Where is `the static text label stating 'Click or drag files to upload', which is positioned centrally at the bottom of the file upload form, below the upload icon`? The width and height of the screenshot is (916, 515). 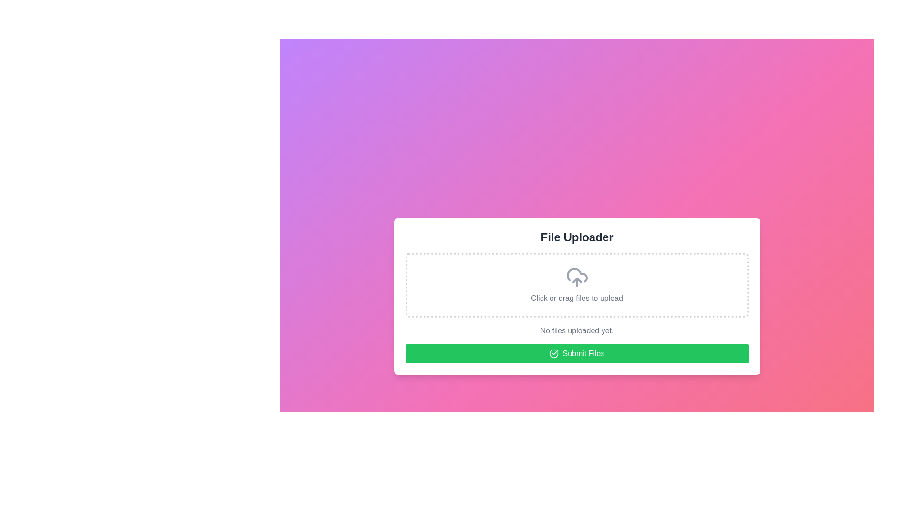 the static text label stating 'Click or drag files to upload', which is positioned centrally at the bottom of the file upload form, below the upload icon is located at coordinates (576, 298).